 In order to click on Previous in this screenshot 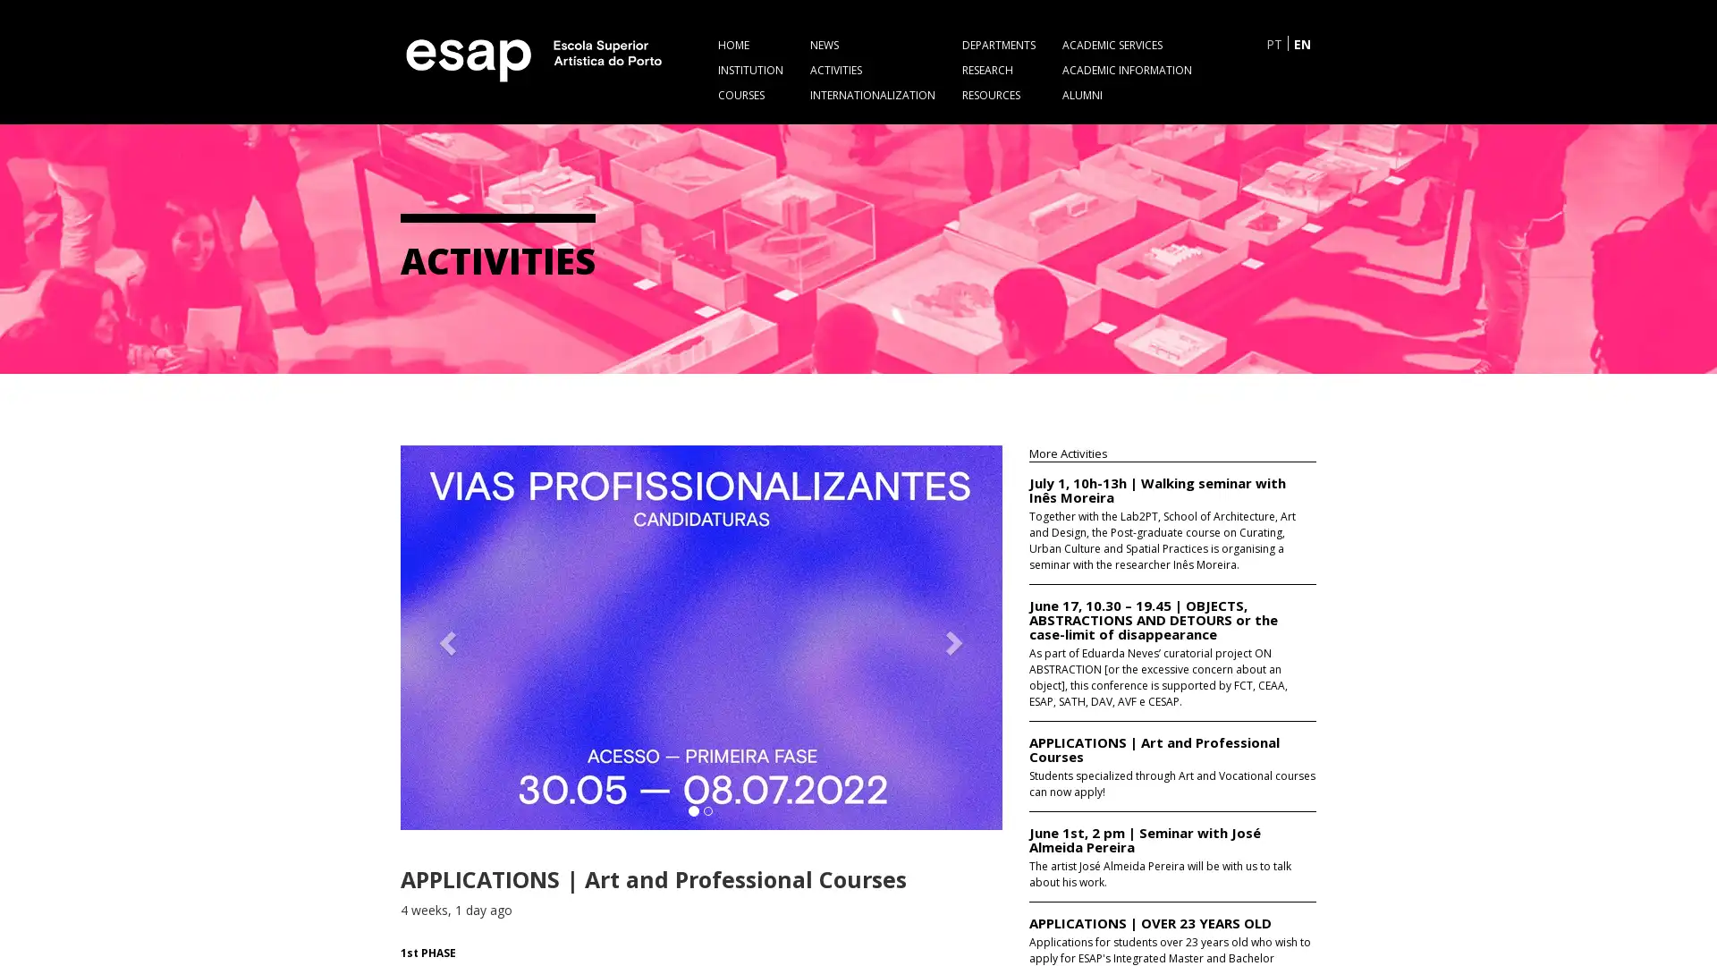, I will do `click(445, 636)`.